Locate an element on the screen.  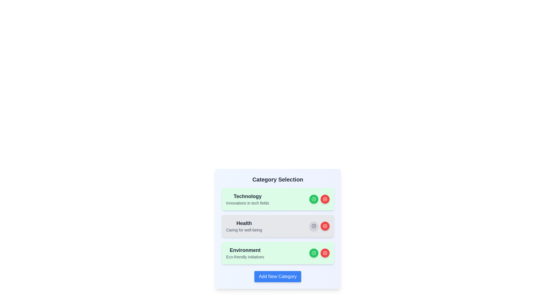
remove button beside the category Environment to delete it is located at coordinates (325, 253).